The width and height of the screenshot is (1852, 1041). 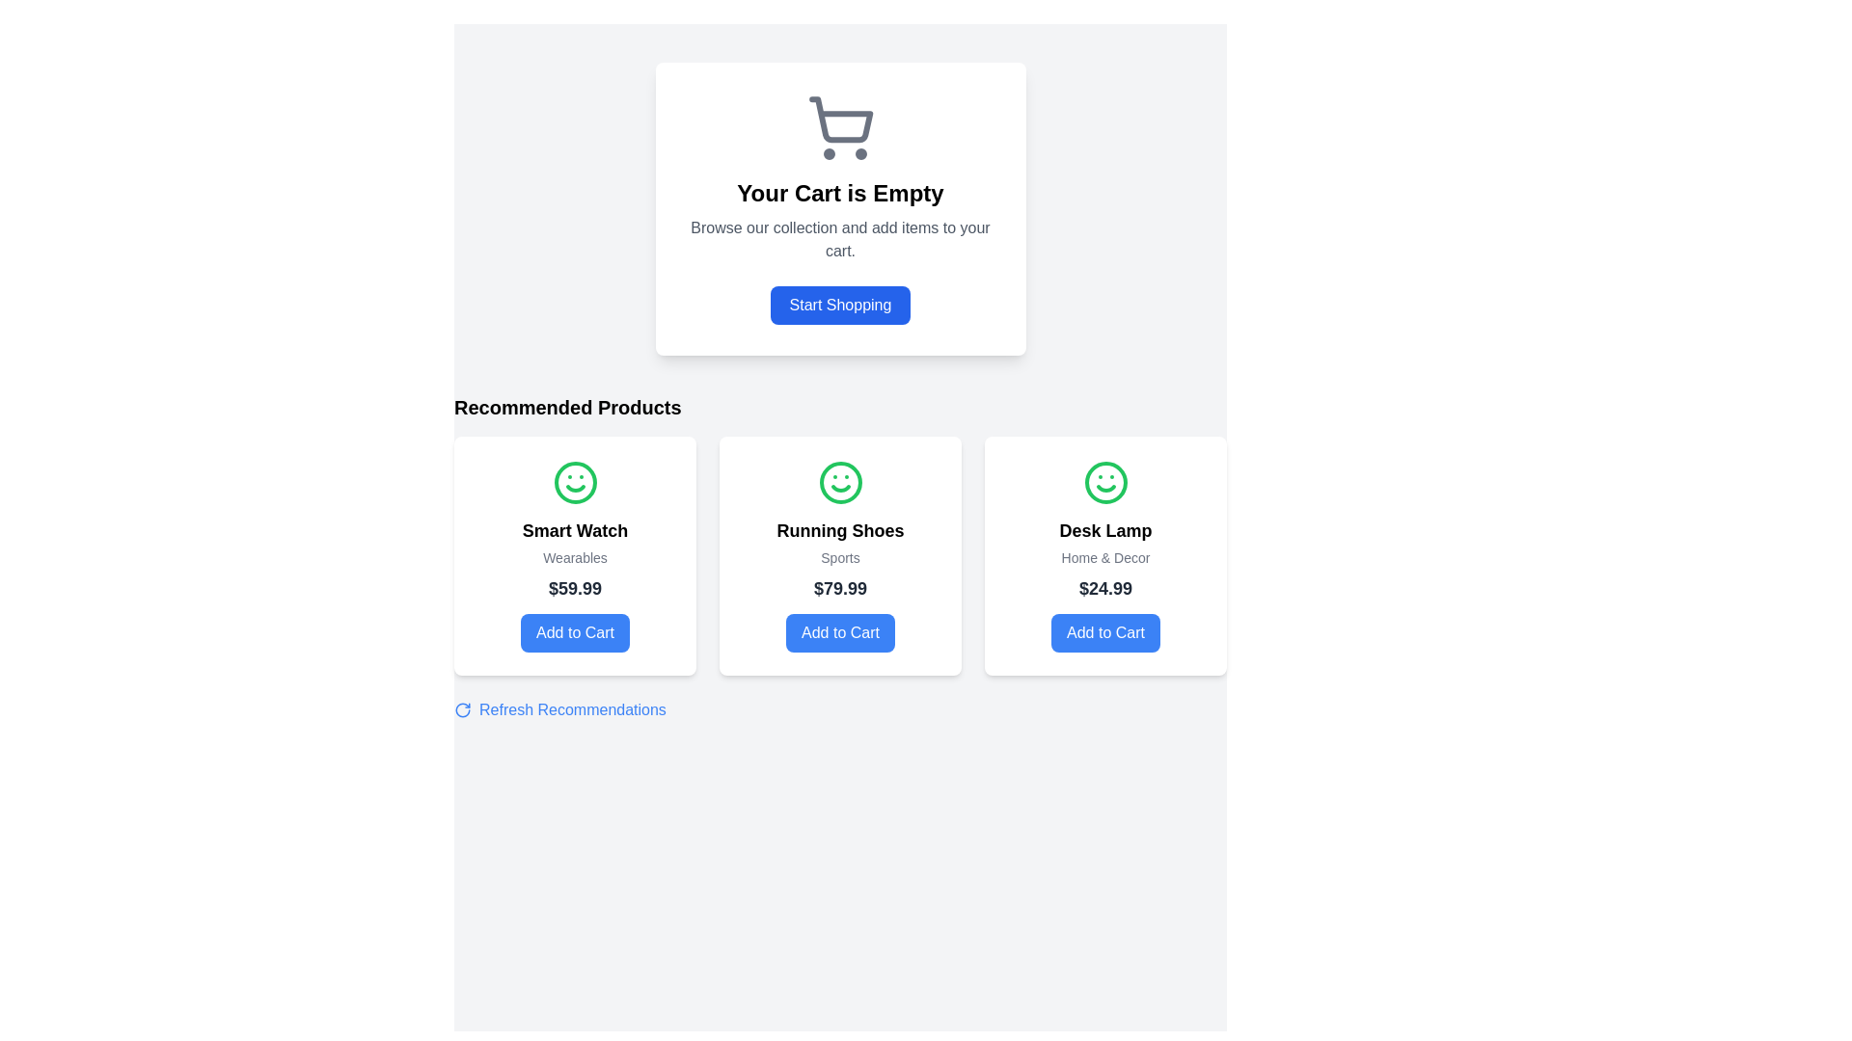 I want to click on the 'Add to Cart' button, so click(x=574, y=632).